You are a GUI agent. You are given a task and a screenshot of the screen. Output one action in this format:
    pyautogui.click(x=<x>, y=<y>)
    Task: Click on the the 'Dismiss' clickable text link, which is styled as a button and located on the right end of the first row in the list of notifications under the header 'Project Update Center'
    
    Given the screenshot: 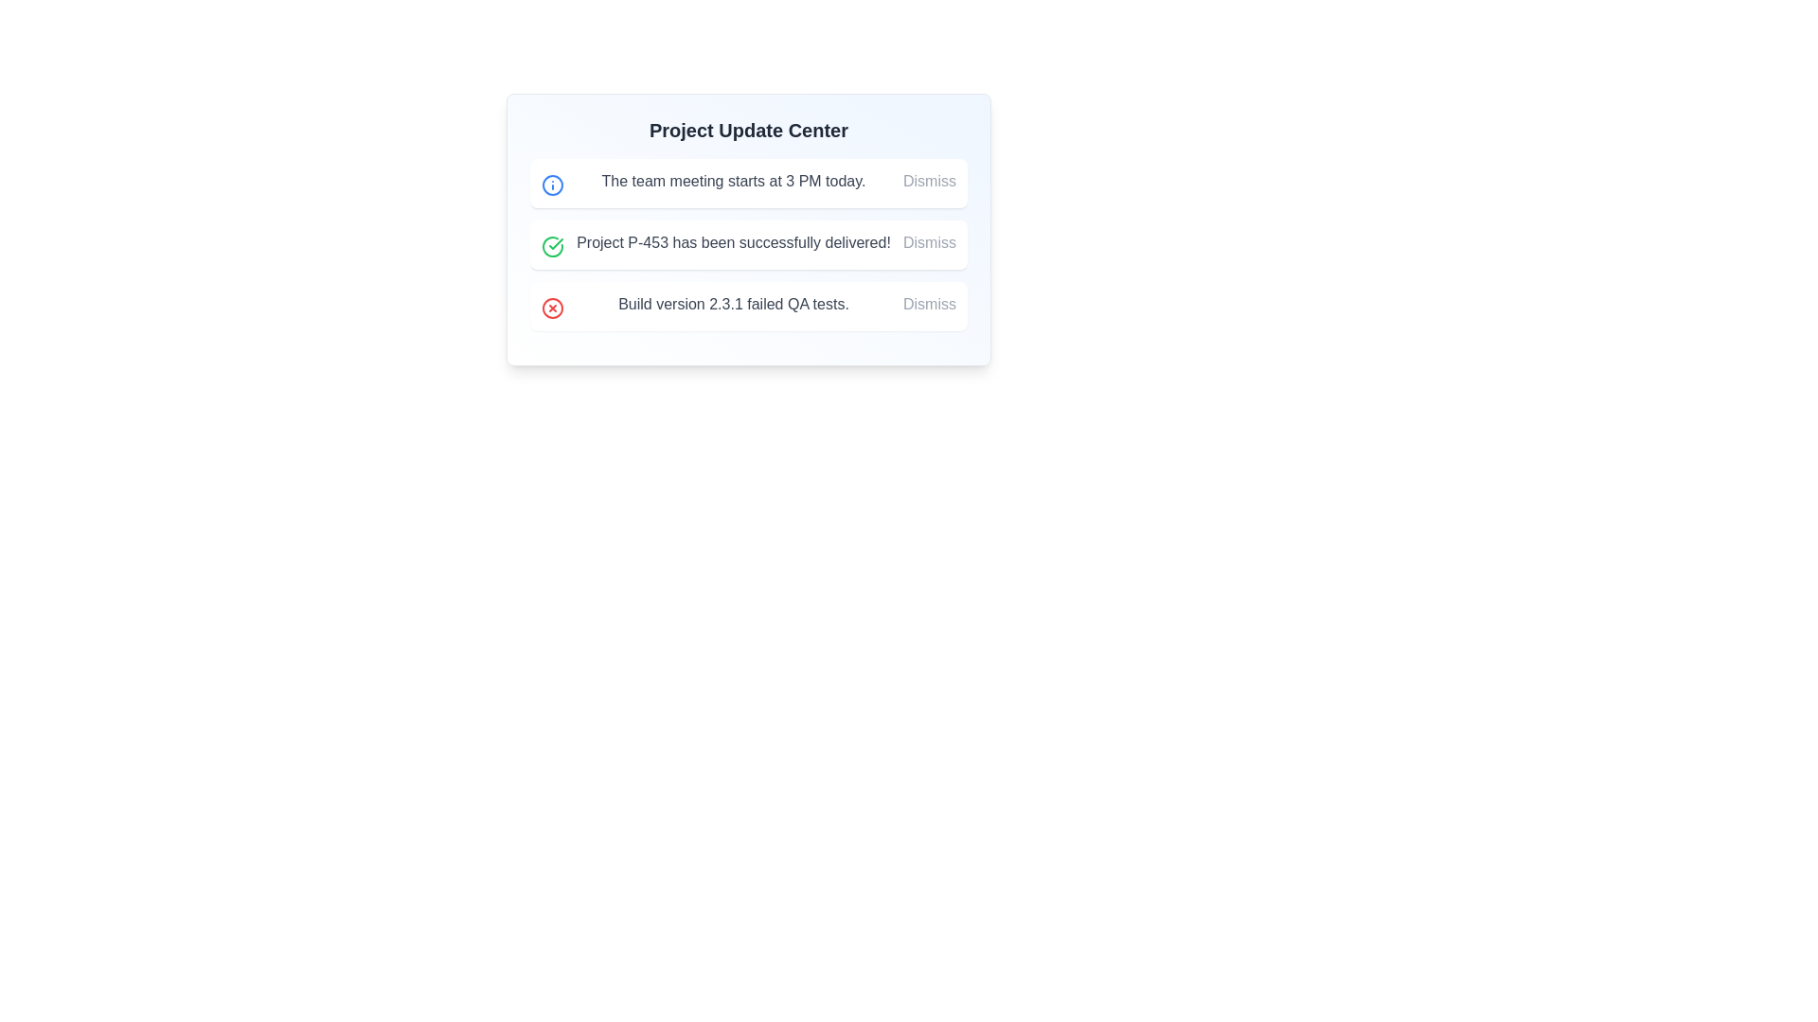 What is the action you would take?
    pyautogui.click(x=930, y=182)
    